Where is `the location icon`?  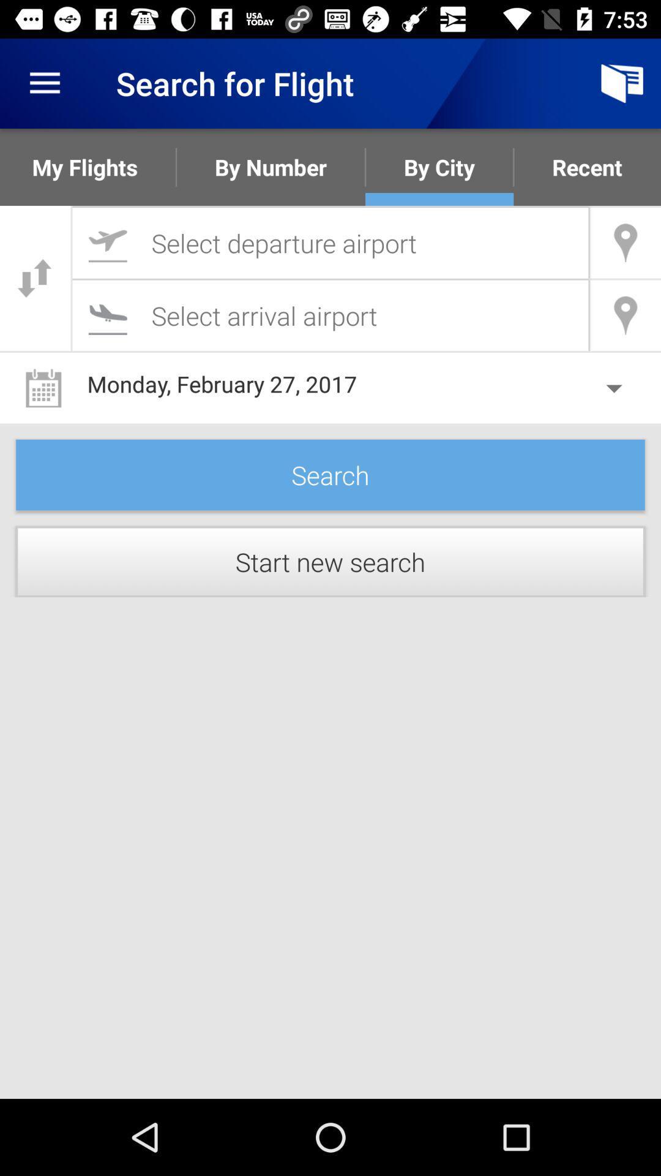 the location icon is located at coordinates (626, 315).